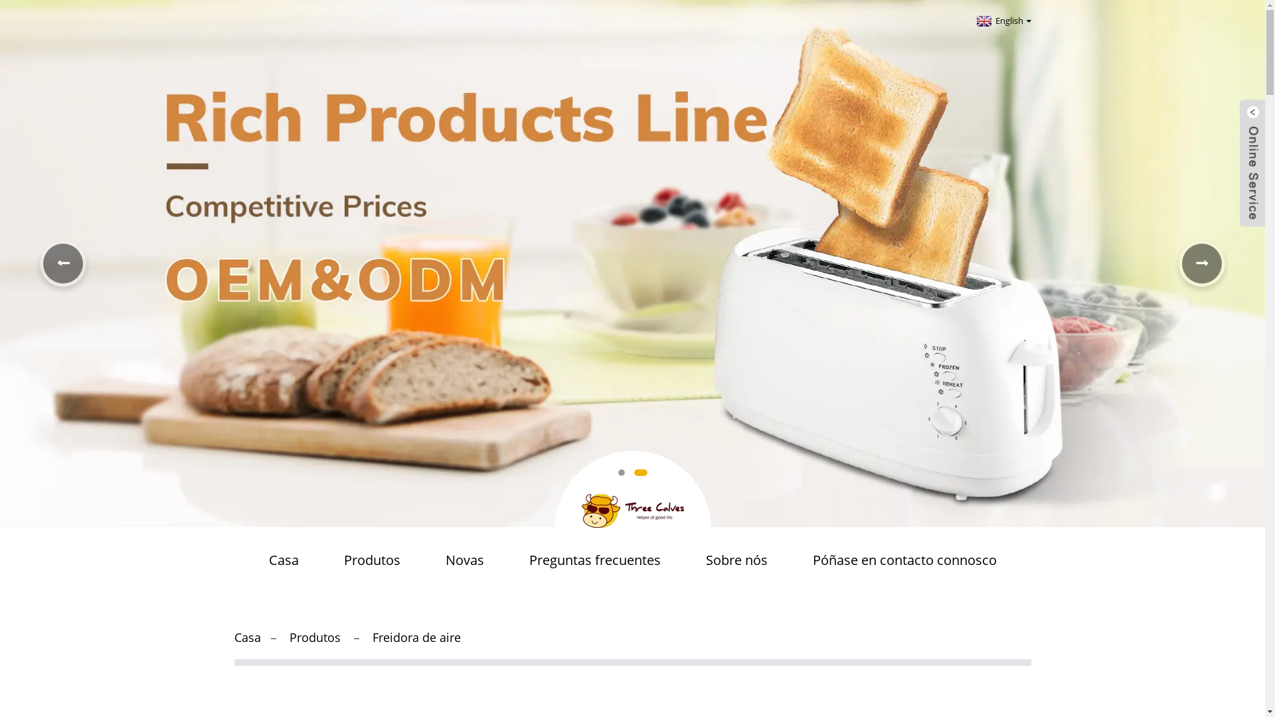 The width and height of the screenshot is (1275, 717). Describe the element at coordinates (372, 560) in the screenshot. I see `'Produtos'` at that location.